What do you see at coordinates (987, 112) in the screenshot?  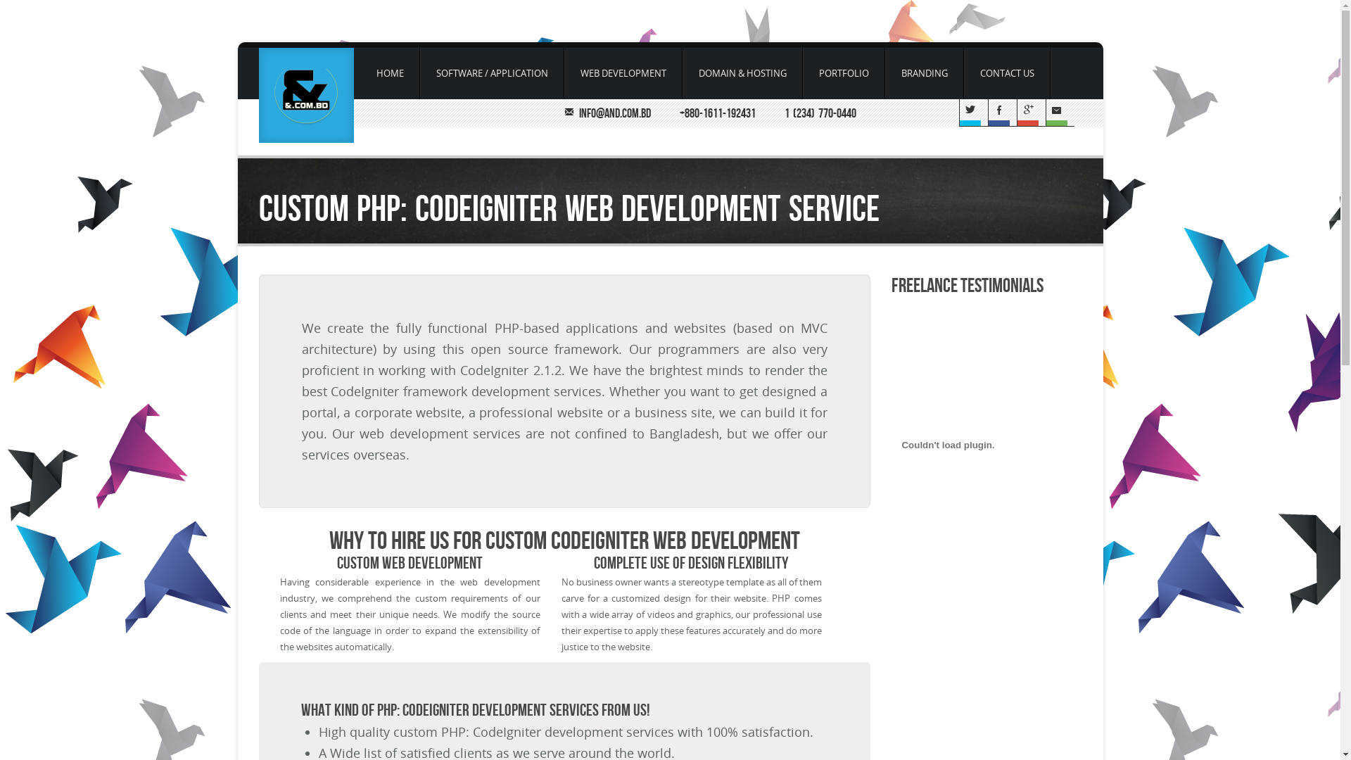 I see `'Facebook'` at bounding box center [987, 112].